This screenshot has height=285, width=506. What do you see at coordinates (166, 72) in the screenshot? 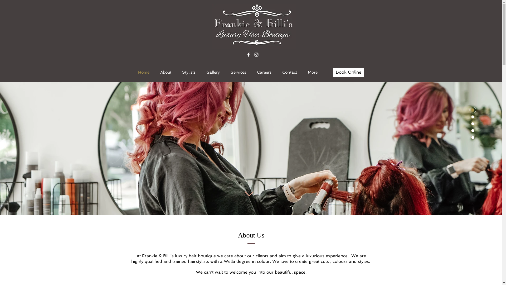
I see `'About'` at bounding box center [166, 72].